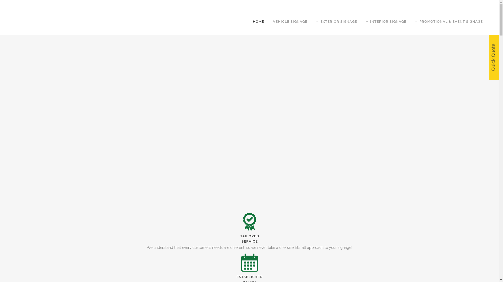 This screenshot has width=503, height=282. I want to click on 'CONTACT', so click(448, 4).